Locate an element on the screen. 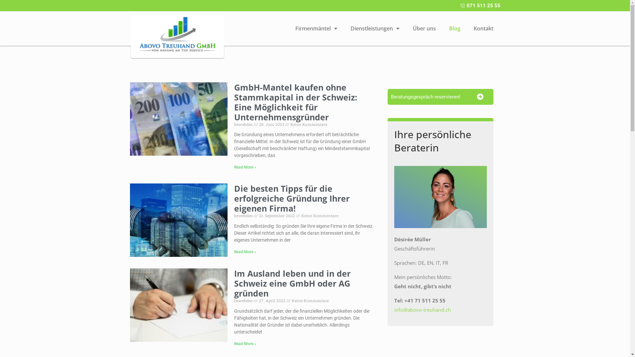 The image size is (635, 357). 'info@abovo-treuhand.ch' is located at coordinates (422, 310).